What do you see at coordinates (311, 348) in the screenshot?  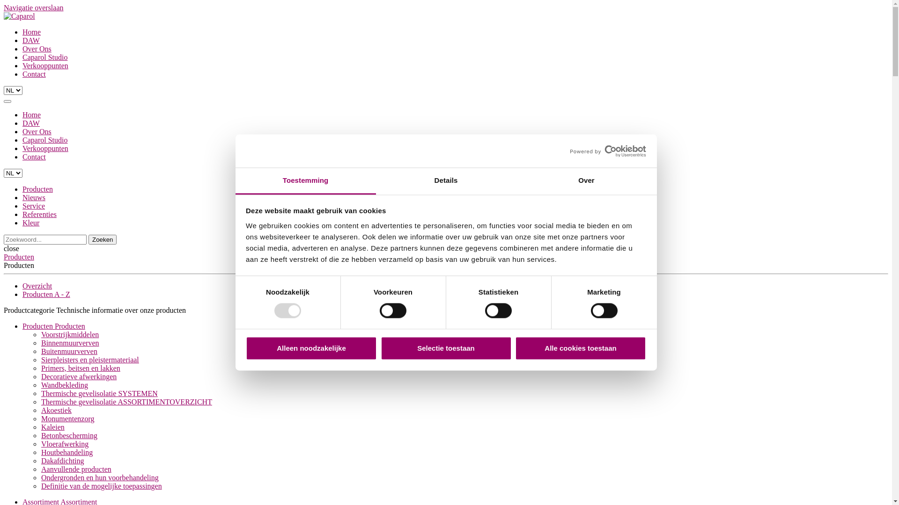 I see `'Alleen noodzakelijke'` at bounding box center [311, 348].